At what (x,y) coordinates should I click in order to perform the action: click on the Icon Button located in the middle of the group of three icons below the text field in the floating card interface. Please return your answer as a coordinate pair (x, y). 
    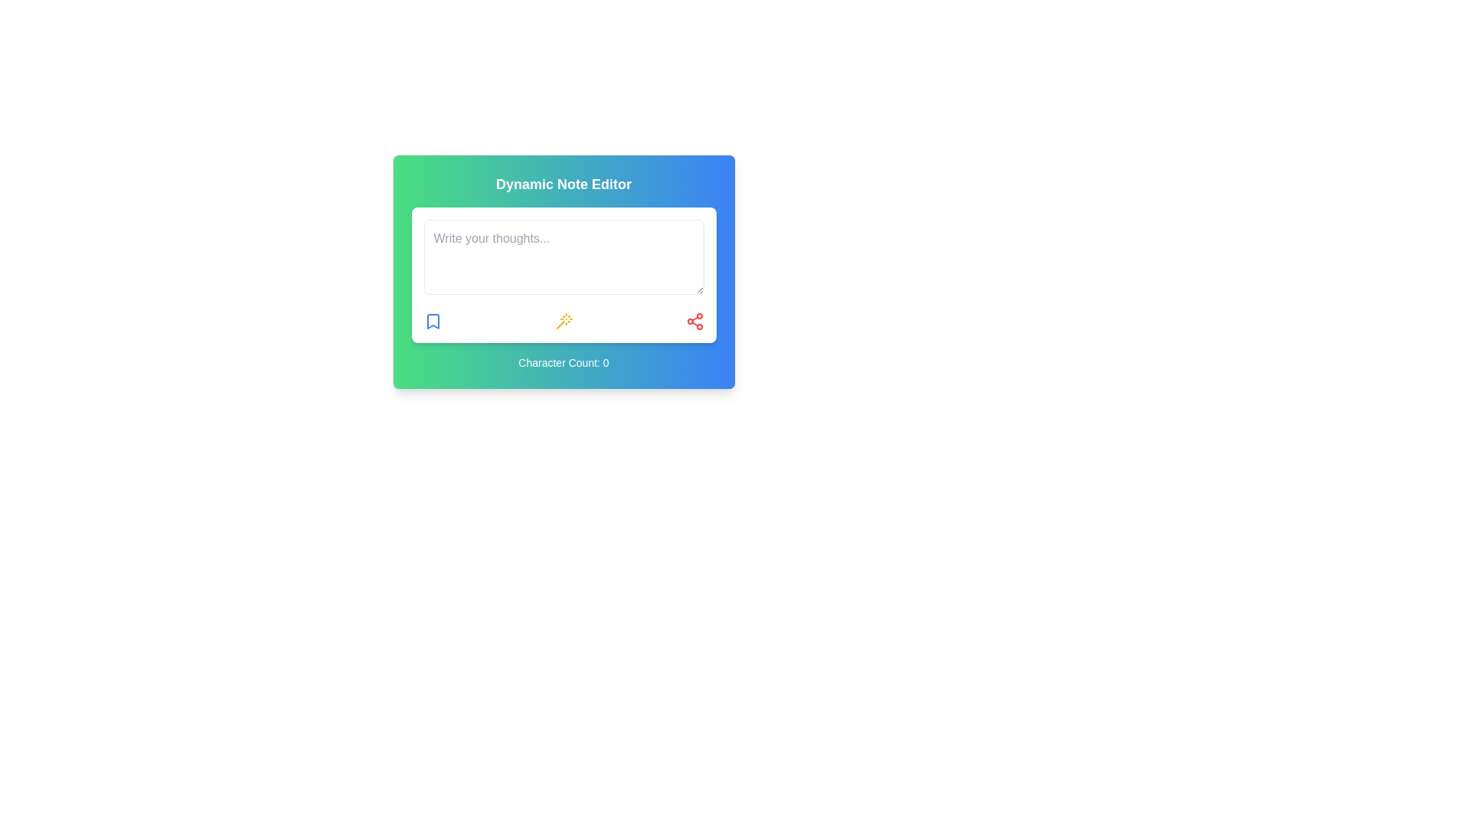
    Looking at the image, I should click on (563, 321).